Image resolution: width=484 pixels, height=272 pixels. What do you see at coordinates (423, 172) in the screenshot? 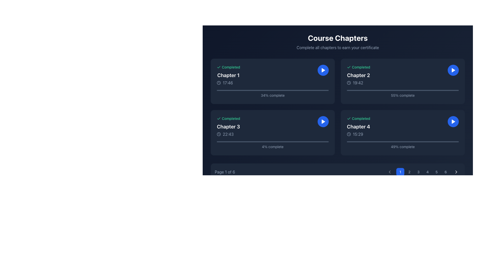
I see `the fourth circular button` at bounding box center [423, 172].